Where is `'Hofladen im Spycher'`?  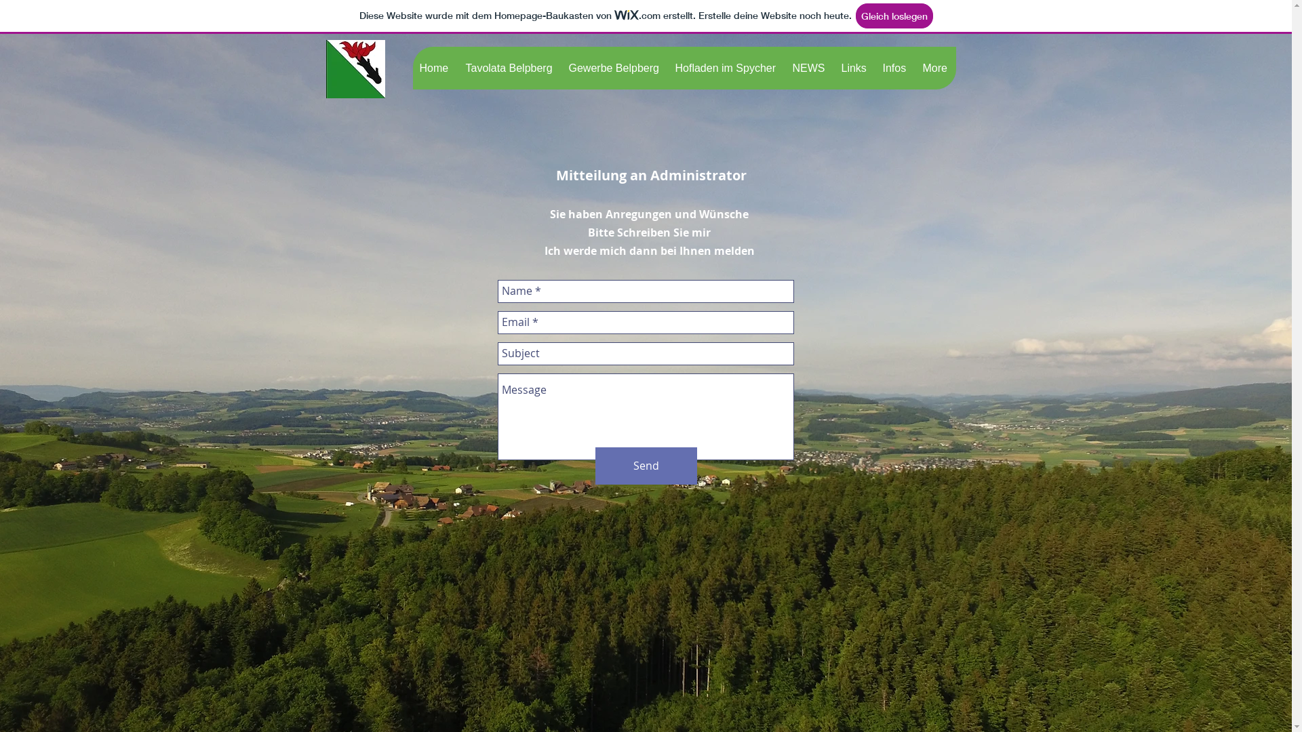
'Hofladen im Spycher' is located at coordinates (725, 68).